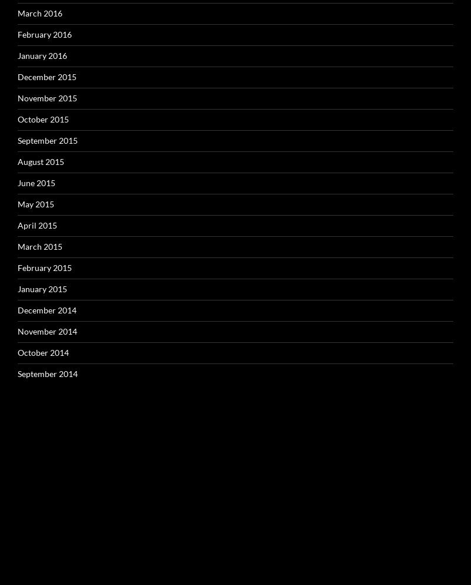  I want to click on 'December 2014', so click(47, 309).